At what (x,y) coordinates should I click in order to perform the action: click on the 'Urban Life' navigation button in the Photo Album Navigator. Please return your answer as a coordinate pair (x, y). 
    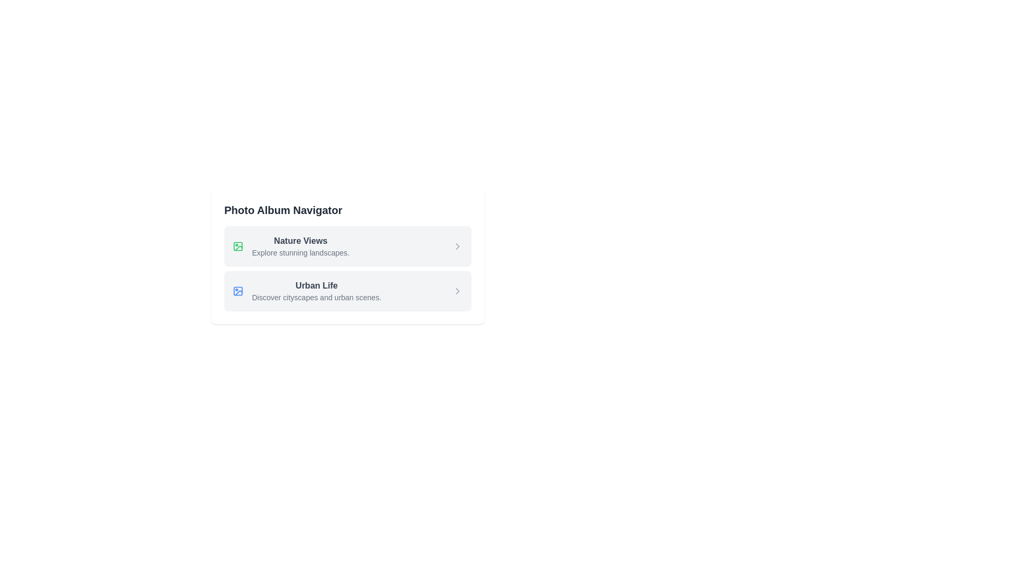
    Looking at the image, I should click on (347, 291).